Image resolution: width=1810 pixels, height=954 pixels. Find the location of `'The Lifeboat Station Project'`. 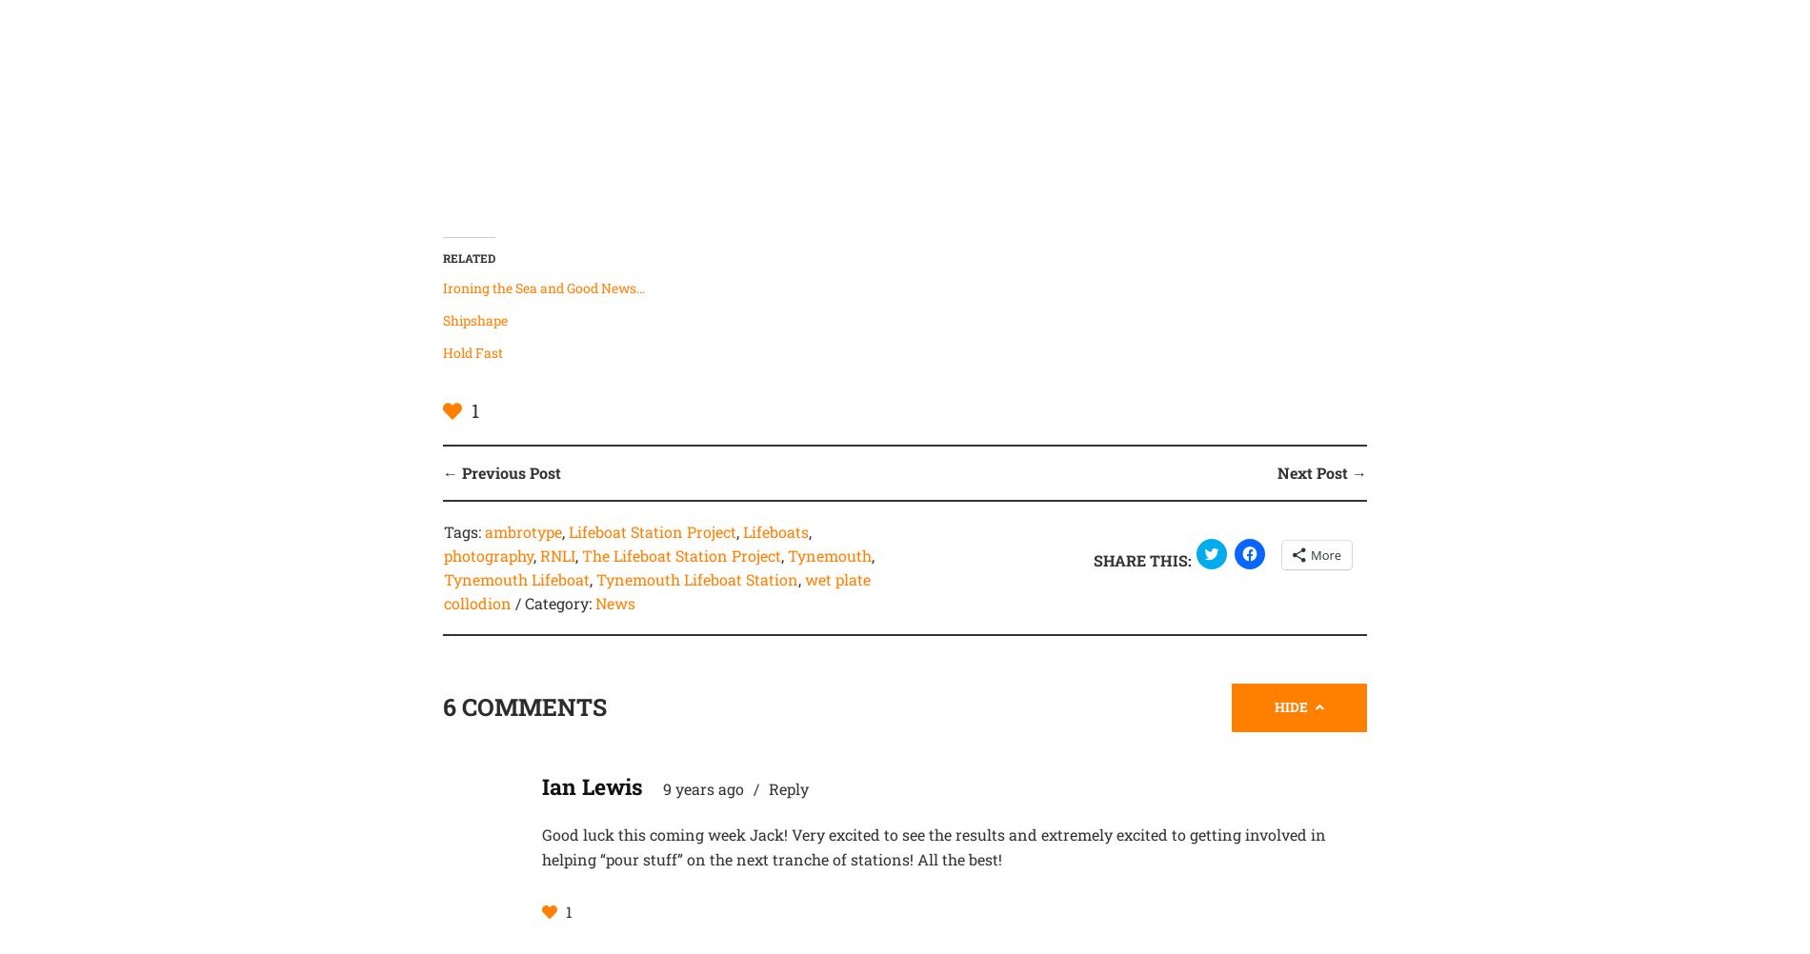

'The Lifeboat Station Project' is located at coordinates (679, 554).